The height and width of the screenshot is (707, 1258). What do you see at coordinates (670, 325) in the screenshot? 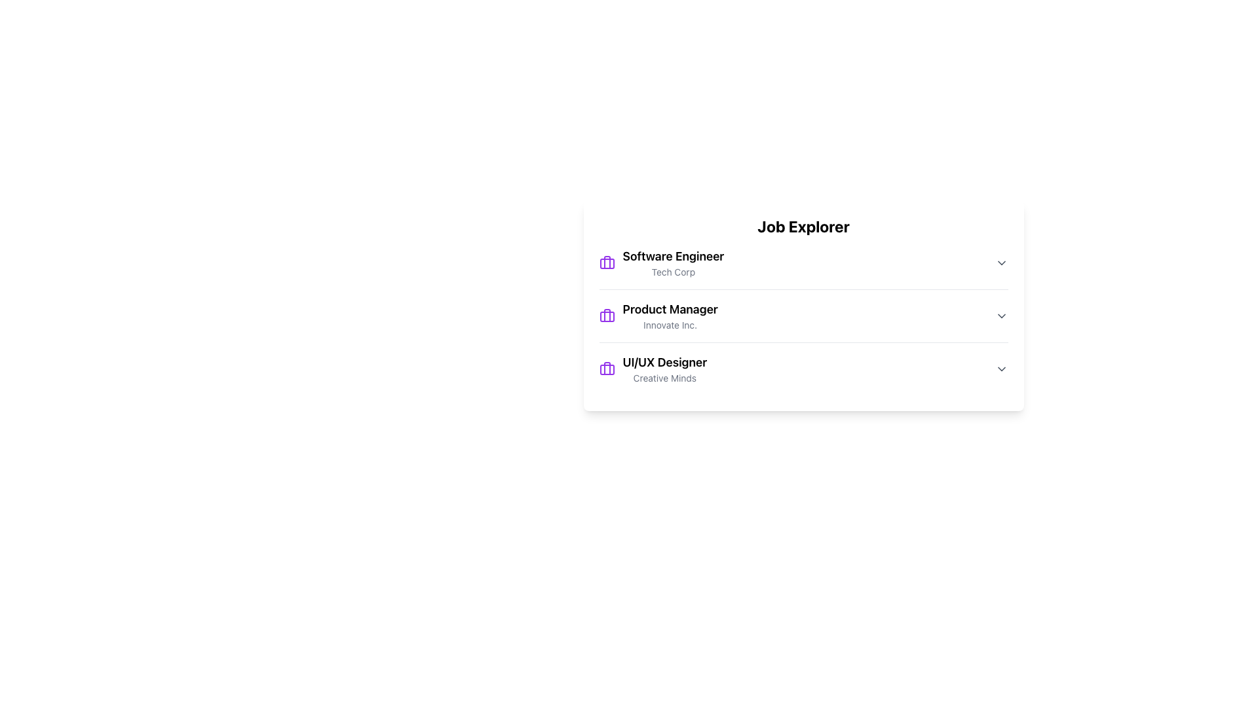
I see `the text label displaying 'Innovate Inc.' which is located directly below the 'Product Manager' title in the job listing layout` at bounding box center [670, 325].